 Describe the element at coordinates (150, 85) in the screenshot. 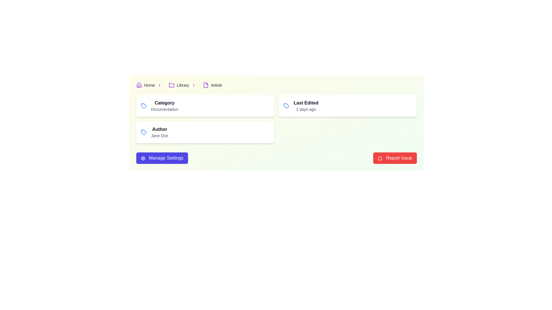

I see `the first segment of the breadcrumb navigation bar at the top of the interface` at that location.